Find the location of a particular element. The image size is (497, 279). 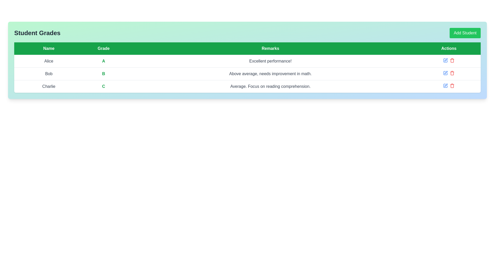

the static text label in the first column of the table header that represents names, positioned to the left of the 'Grade' header is located at coordinates (49, 49).